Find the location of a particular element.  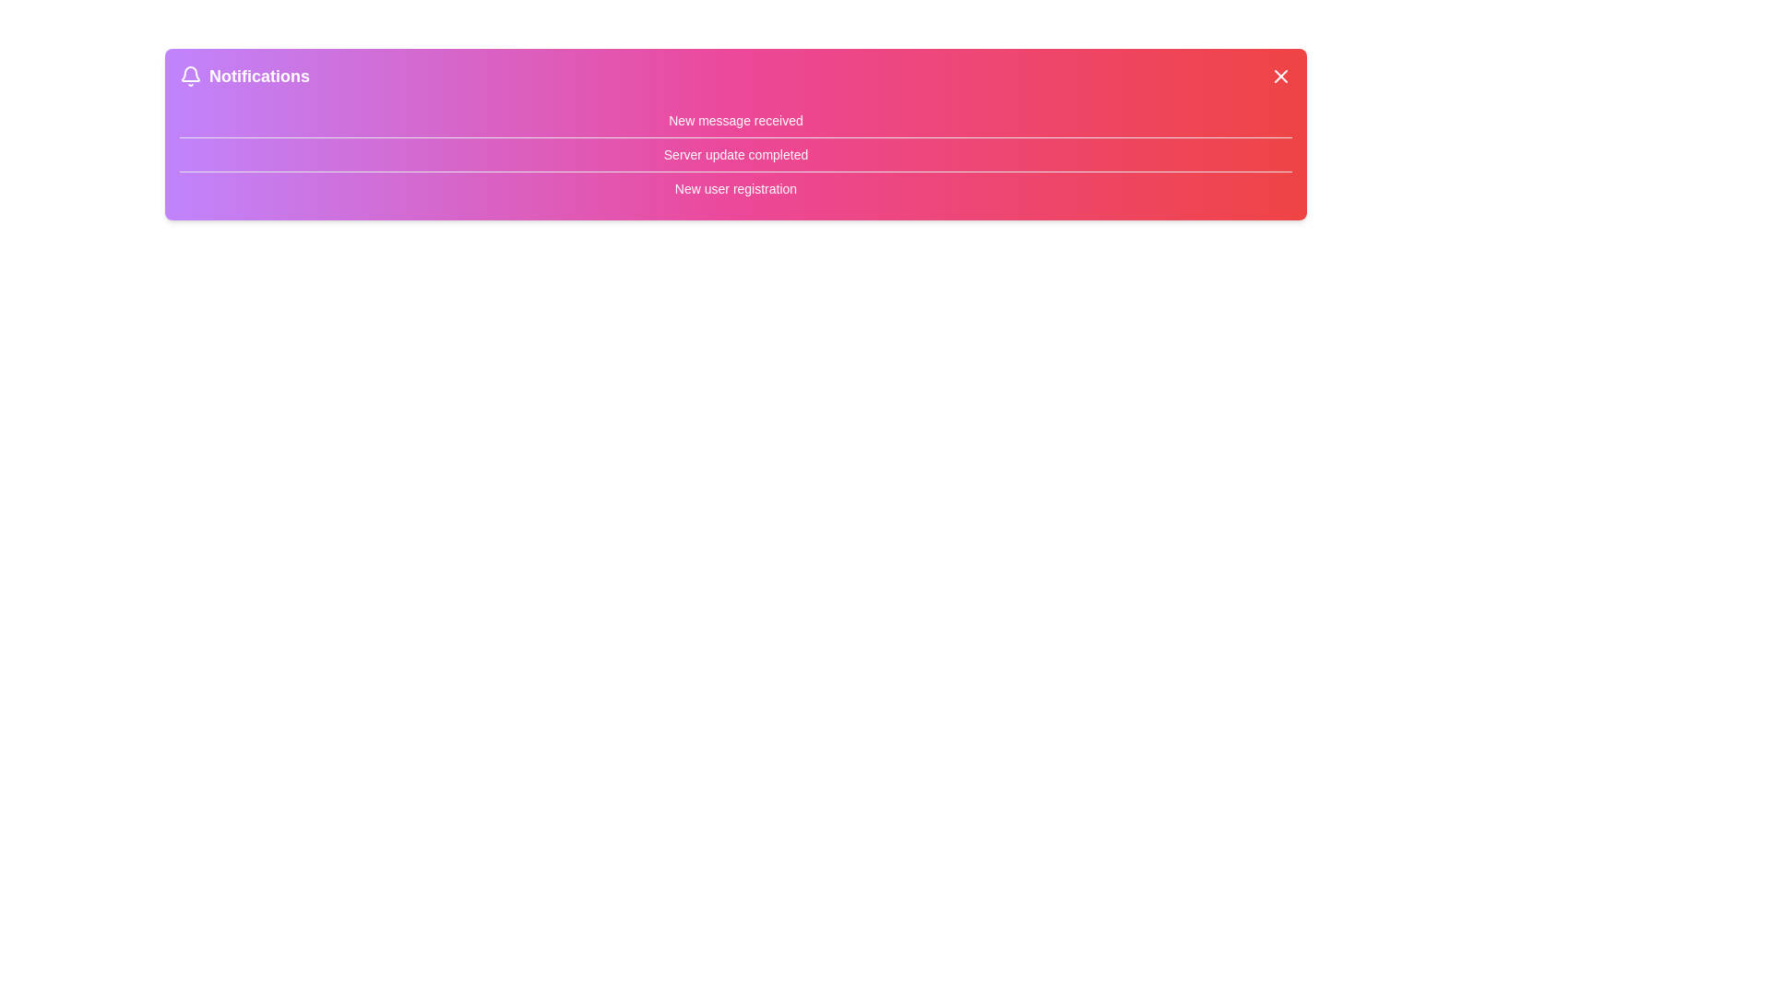

the bell icon located in the top left part of the notification panel, adjacent to the text 'Notifications' is located at coordinates (190, 76).